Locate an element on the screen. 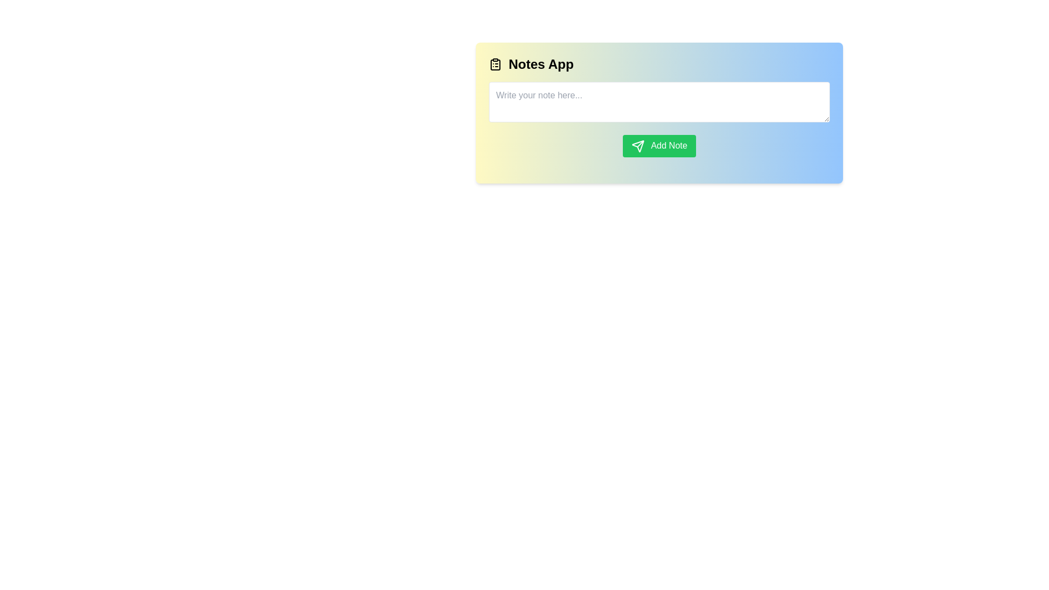 Image resolution: width=1049 pixels, height=590 pixels. the decorative icon representing the 'Notes App', which is located is located at coordinates (495, 64).